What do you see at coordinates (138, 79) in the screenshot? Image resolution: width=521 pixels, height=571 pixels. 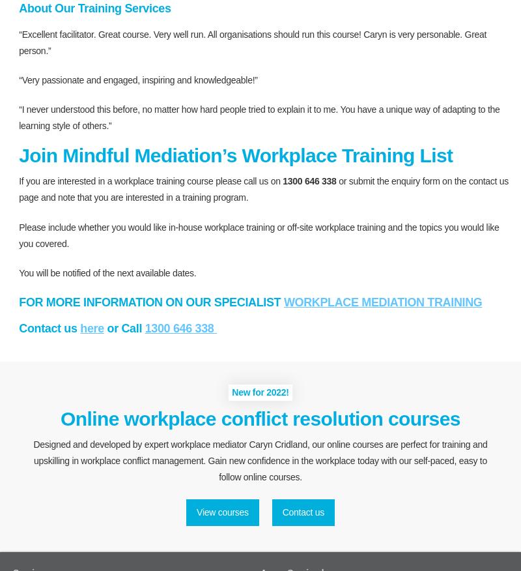 I see `'“Very passionate and engaged, inspiring and knowledgeable!”'` at bounding box center [138, 79].